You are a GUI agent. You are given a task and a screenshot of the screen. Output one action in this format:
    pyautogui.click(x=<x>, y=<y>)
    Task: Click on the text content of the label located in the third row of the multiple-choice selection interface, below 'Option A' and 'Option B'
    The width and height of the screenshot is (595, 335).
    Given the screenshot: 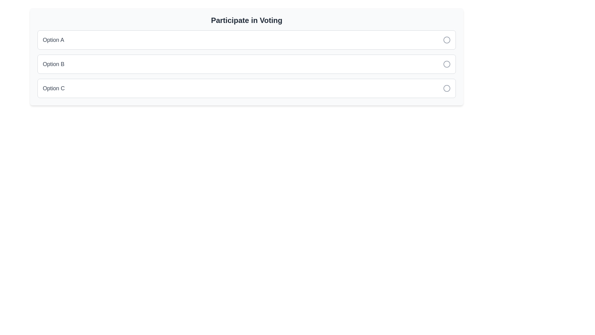 What is the action you would take?
    pyautogui.click(x=54, y=88)
    